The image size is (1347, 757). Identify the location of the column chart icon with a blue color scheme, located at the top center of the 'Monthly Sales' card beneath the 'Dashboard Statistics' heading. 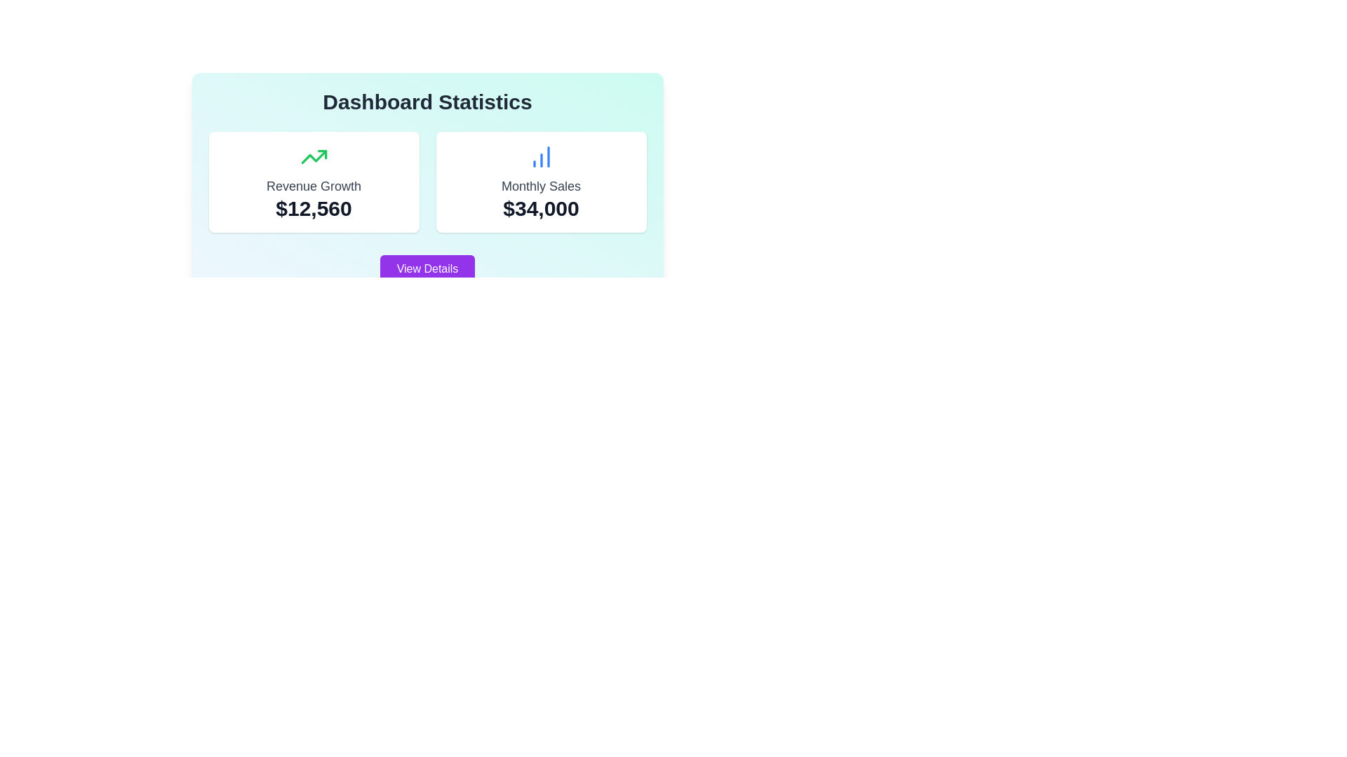
(540, 156).